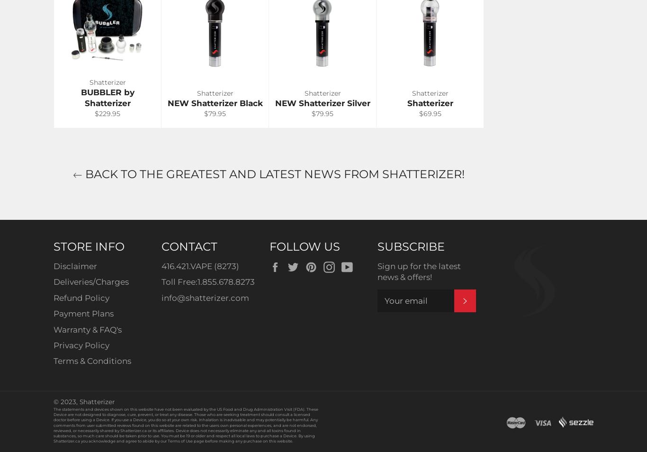  What do you see at coordinates (419, 271) in the screenshot?
I see `'Sign up for the latest news & offers!'` at bounding box center [419, 271].